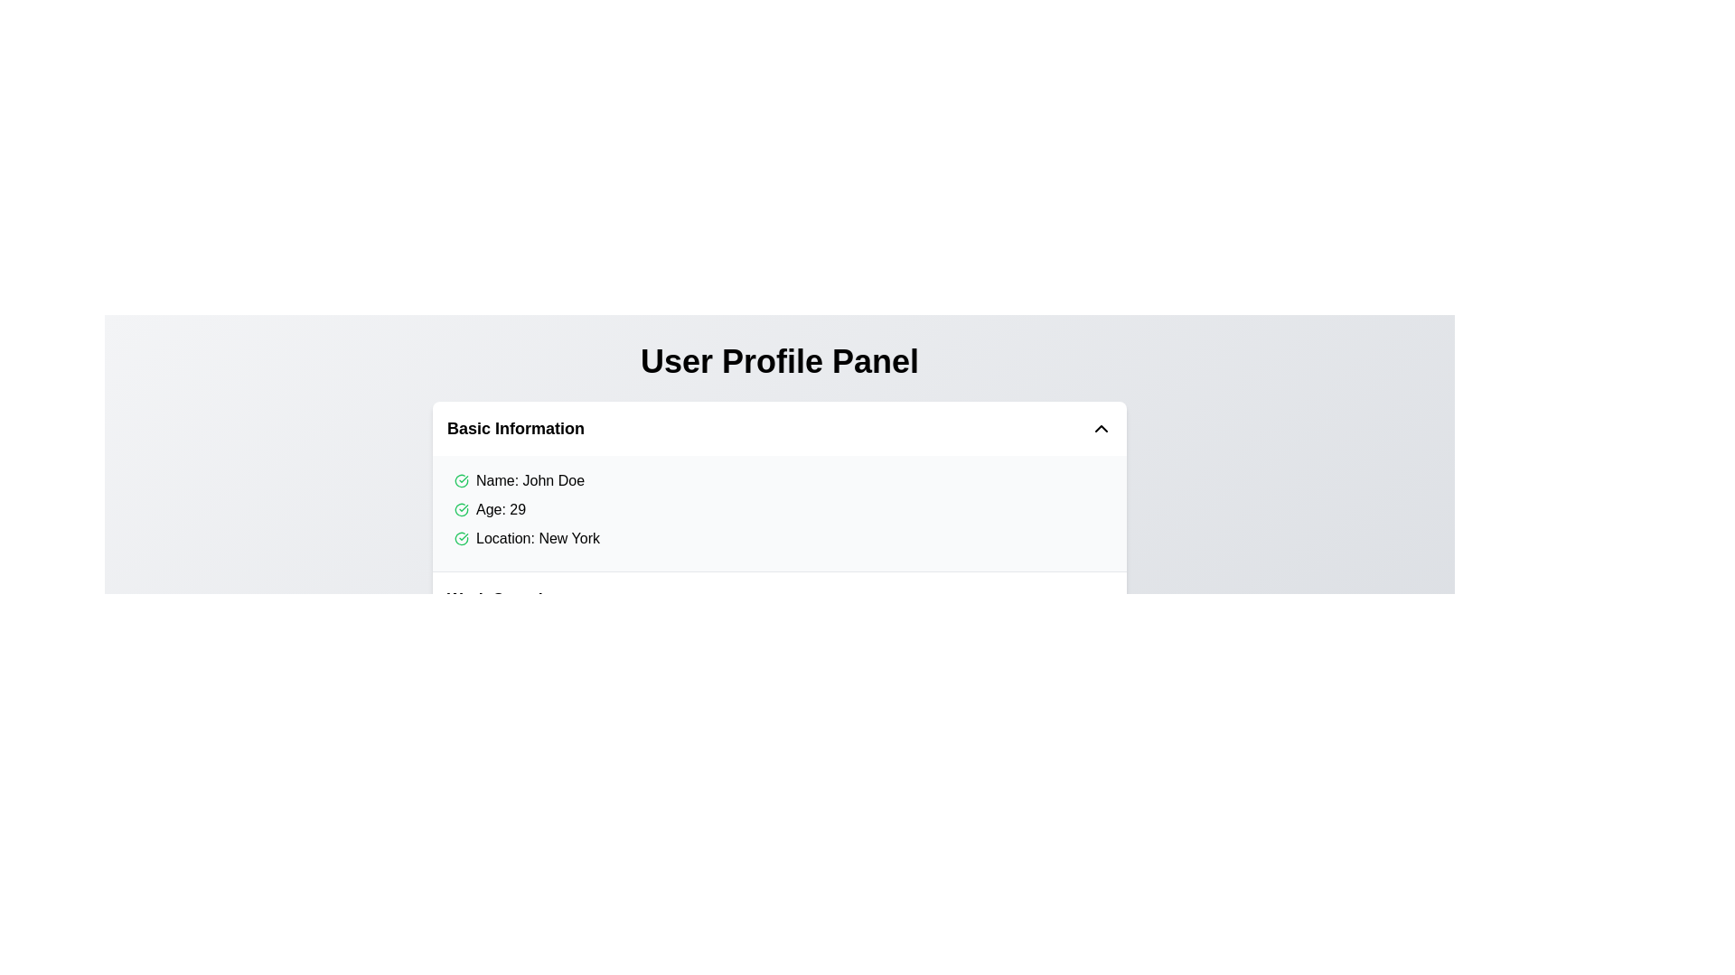 This screenshot has height=975, width=1735. What do you see at coordinates (1101, 428) in the screenshot?
I see `the chevron arrow icon located at the far-right edge of the 'Basic Information' section` at bounding box center [1101, 428].